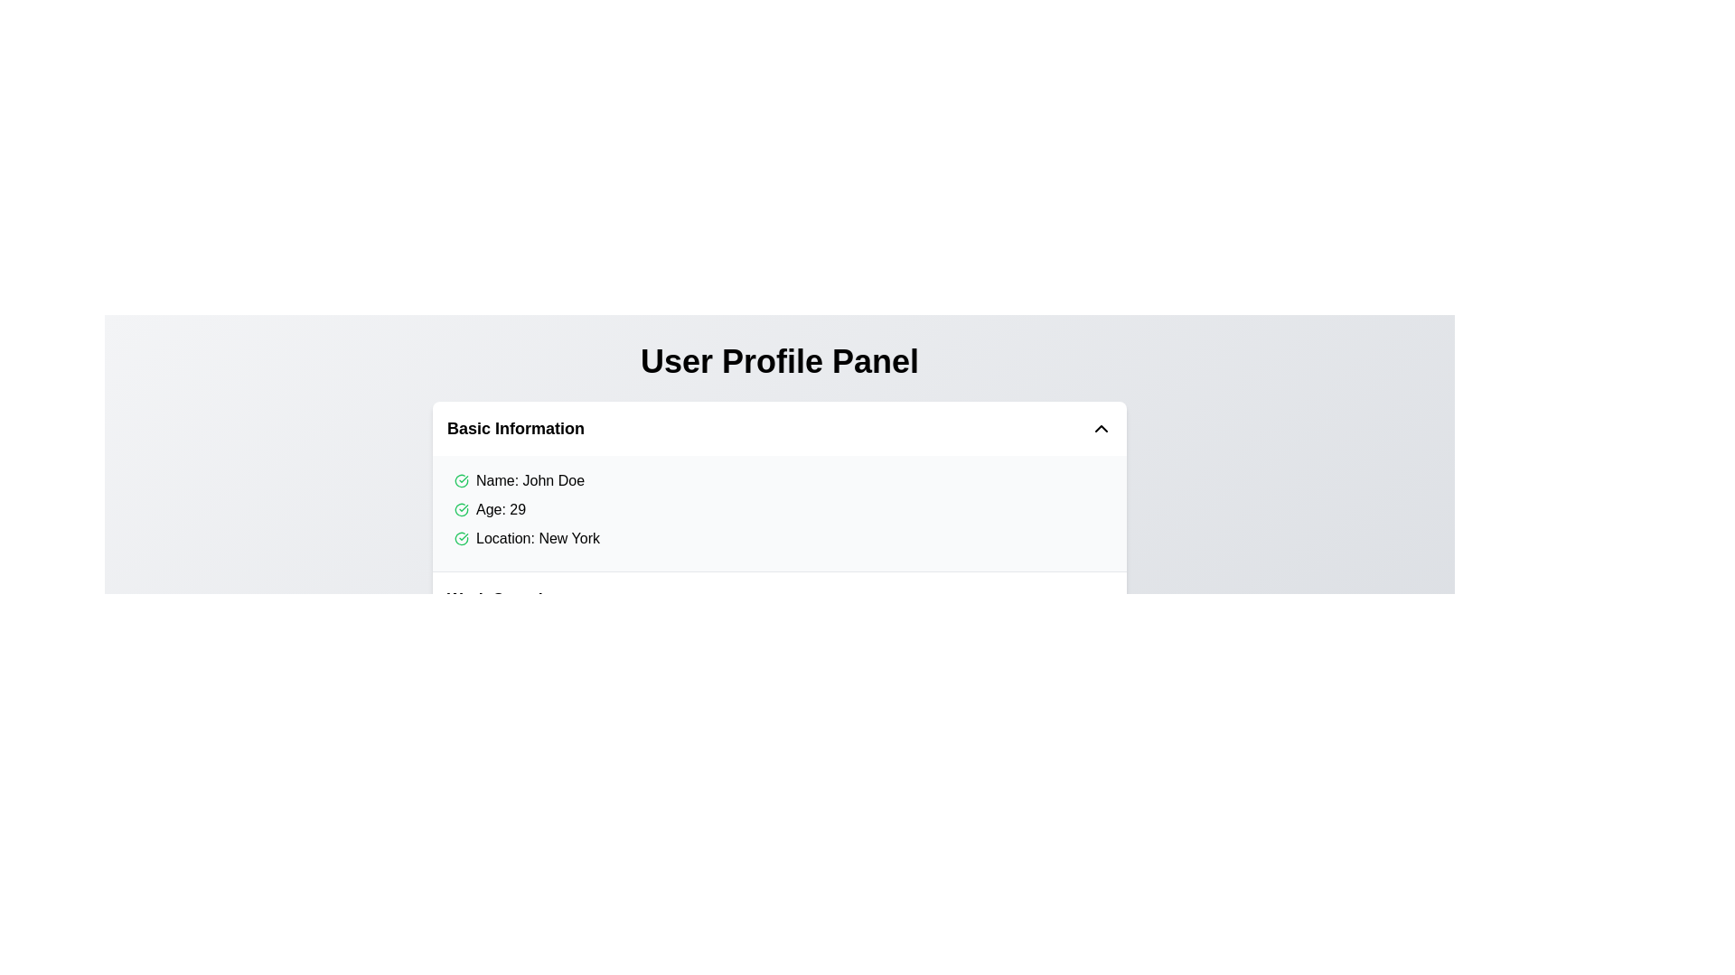 This screenshot has height=975, width=1735. What do you see at coordinates (1101, 428) in the screenshot?
I see `the chevron arrow icon located at the far-right edge of the 'Basic Information' section` at bounding box center [1101, 428].